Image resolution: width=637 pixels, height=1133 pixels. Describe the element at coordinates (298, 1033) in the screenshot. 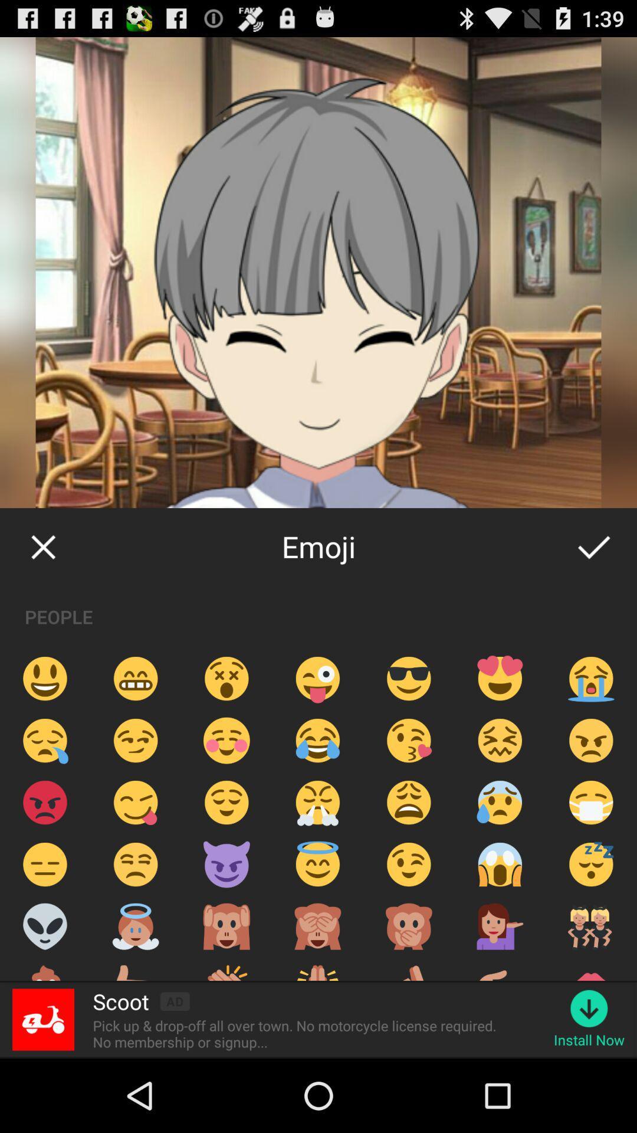

I see `item next to the install now icon` at that location.